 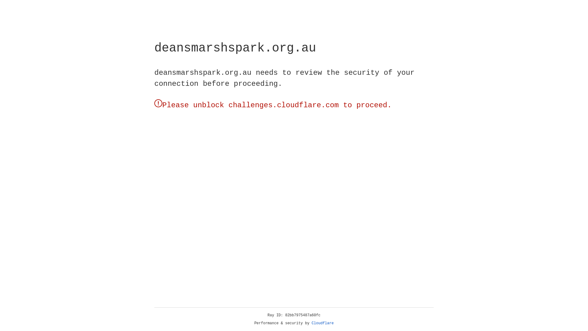 I want to click on 'Cloudflare', so click(x=322, y=323).